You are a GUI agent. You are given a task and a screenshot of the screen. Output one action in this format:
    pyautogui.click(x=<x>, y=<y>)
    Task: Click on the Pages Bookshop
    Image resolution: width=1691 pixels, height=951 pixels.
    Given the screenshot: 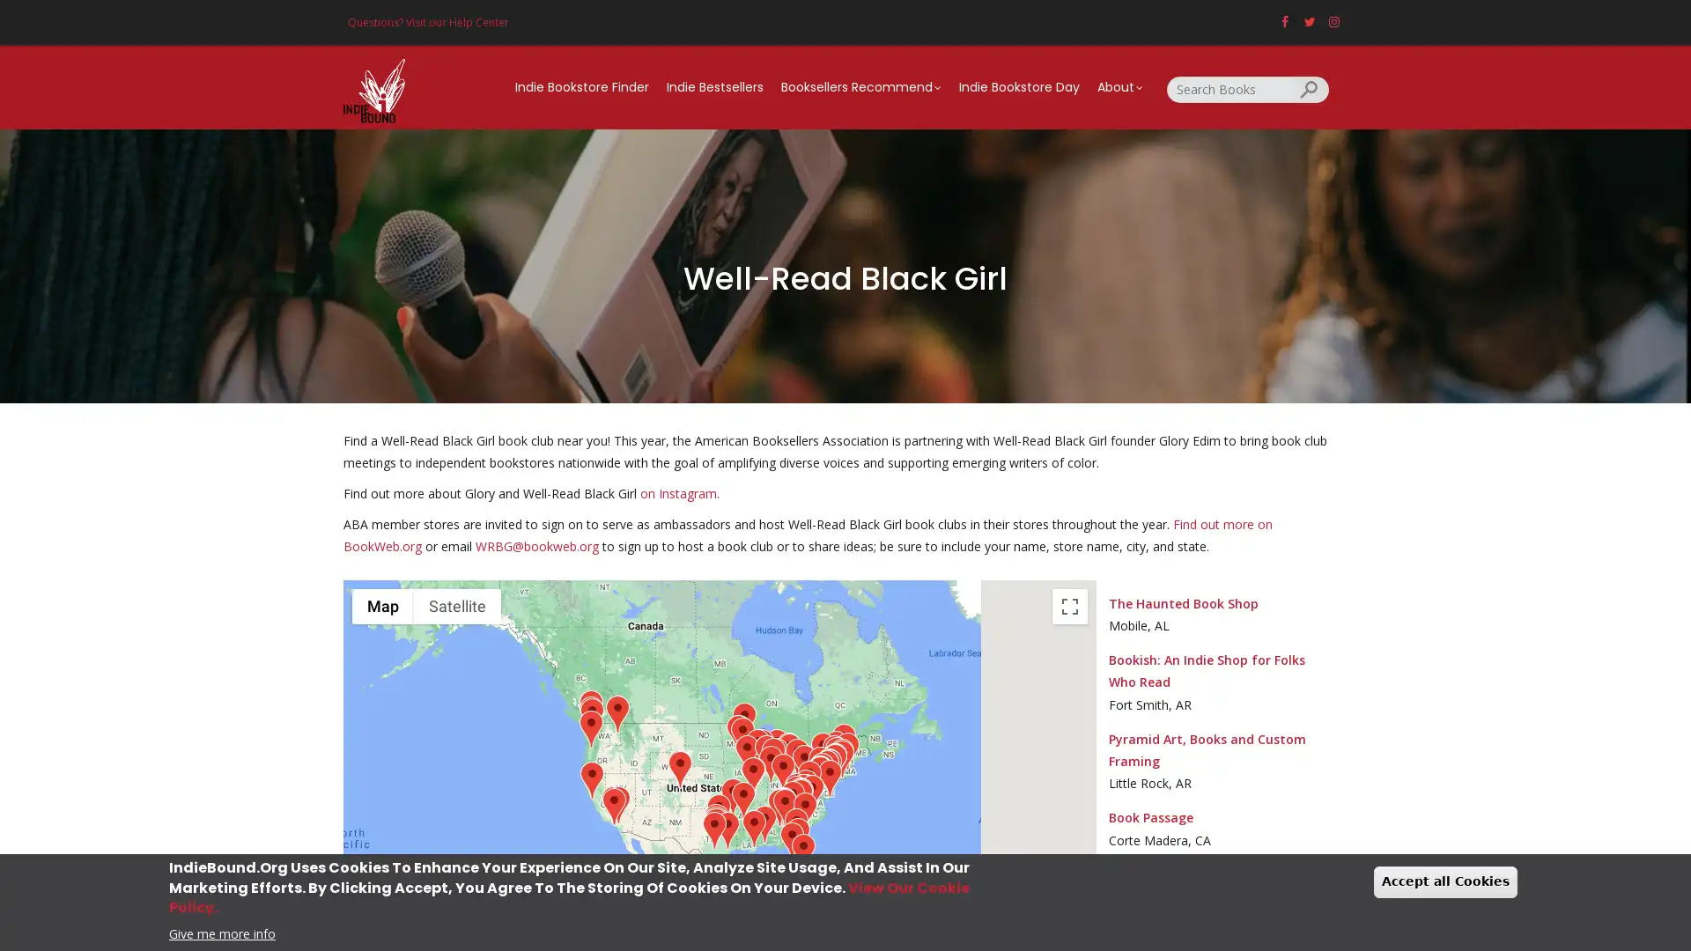 What is the action you would take?
    pyautogui.click(x=786, y=750)
    